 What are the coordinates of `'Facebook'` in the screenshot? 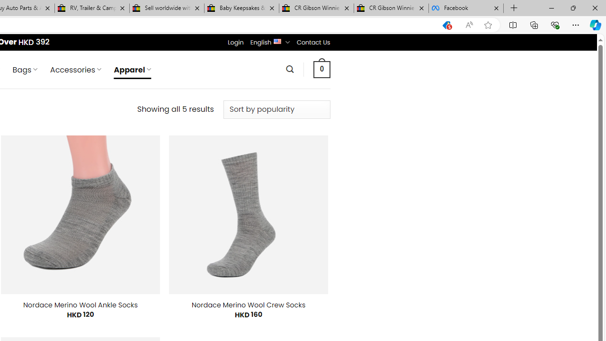 It's located at (466, 8).